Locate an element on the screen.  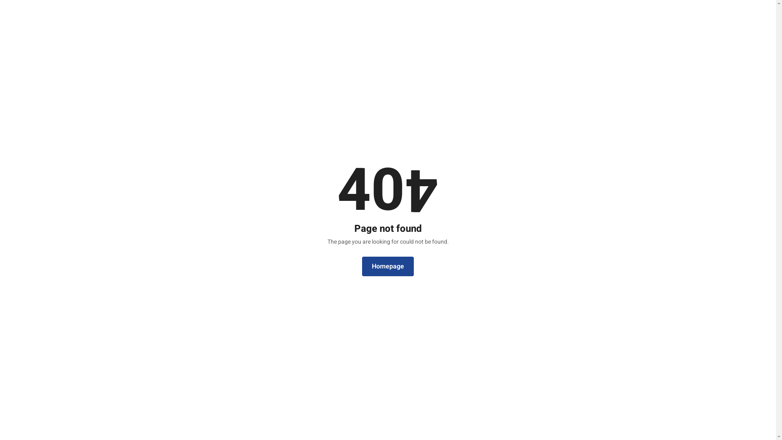
'Homepage' is located at coordinates (387, 266).